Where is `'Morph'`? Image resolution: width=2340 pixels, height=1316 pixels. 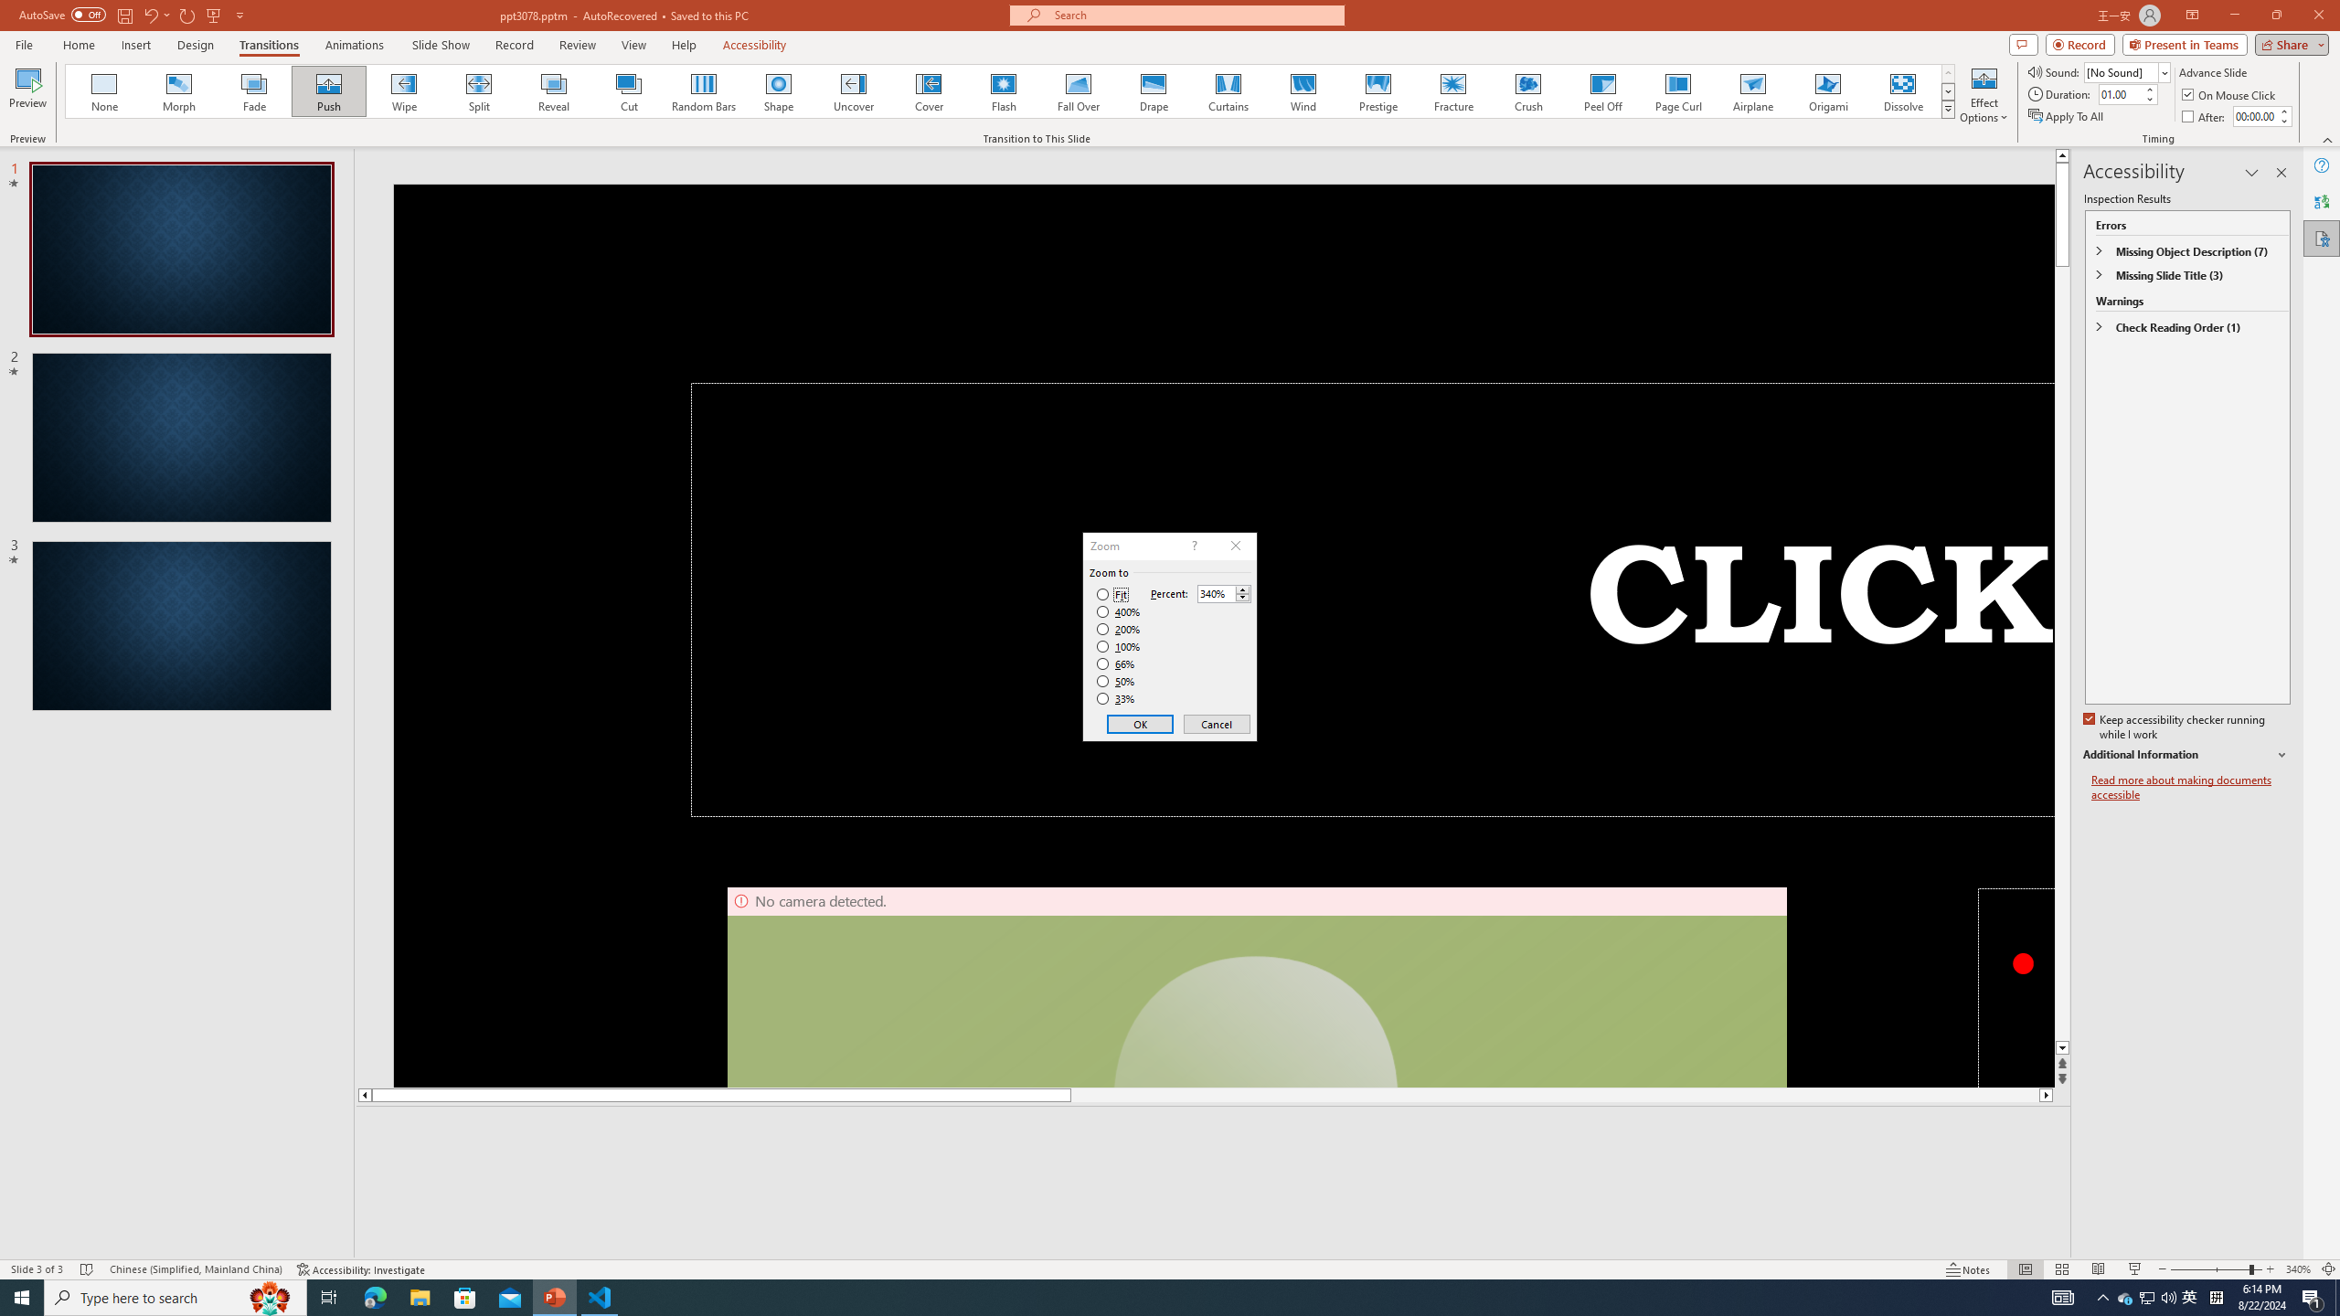
'Morph' is located at coordinates (179, 90).